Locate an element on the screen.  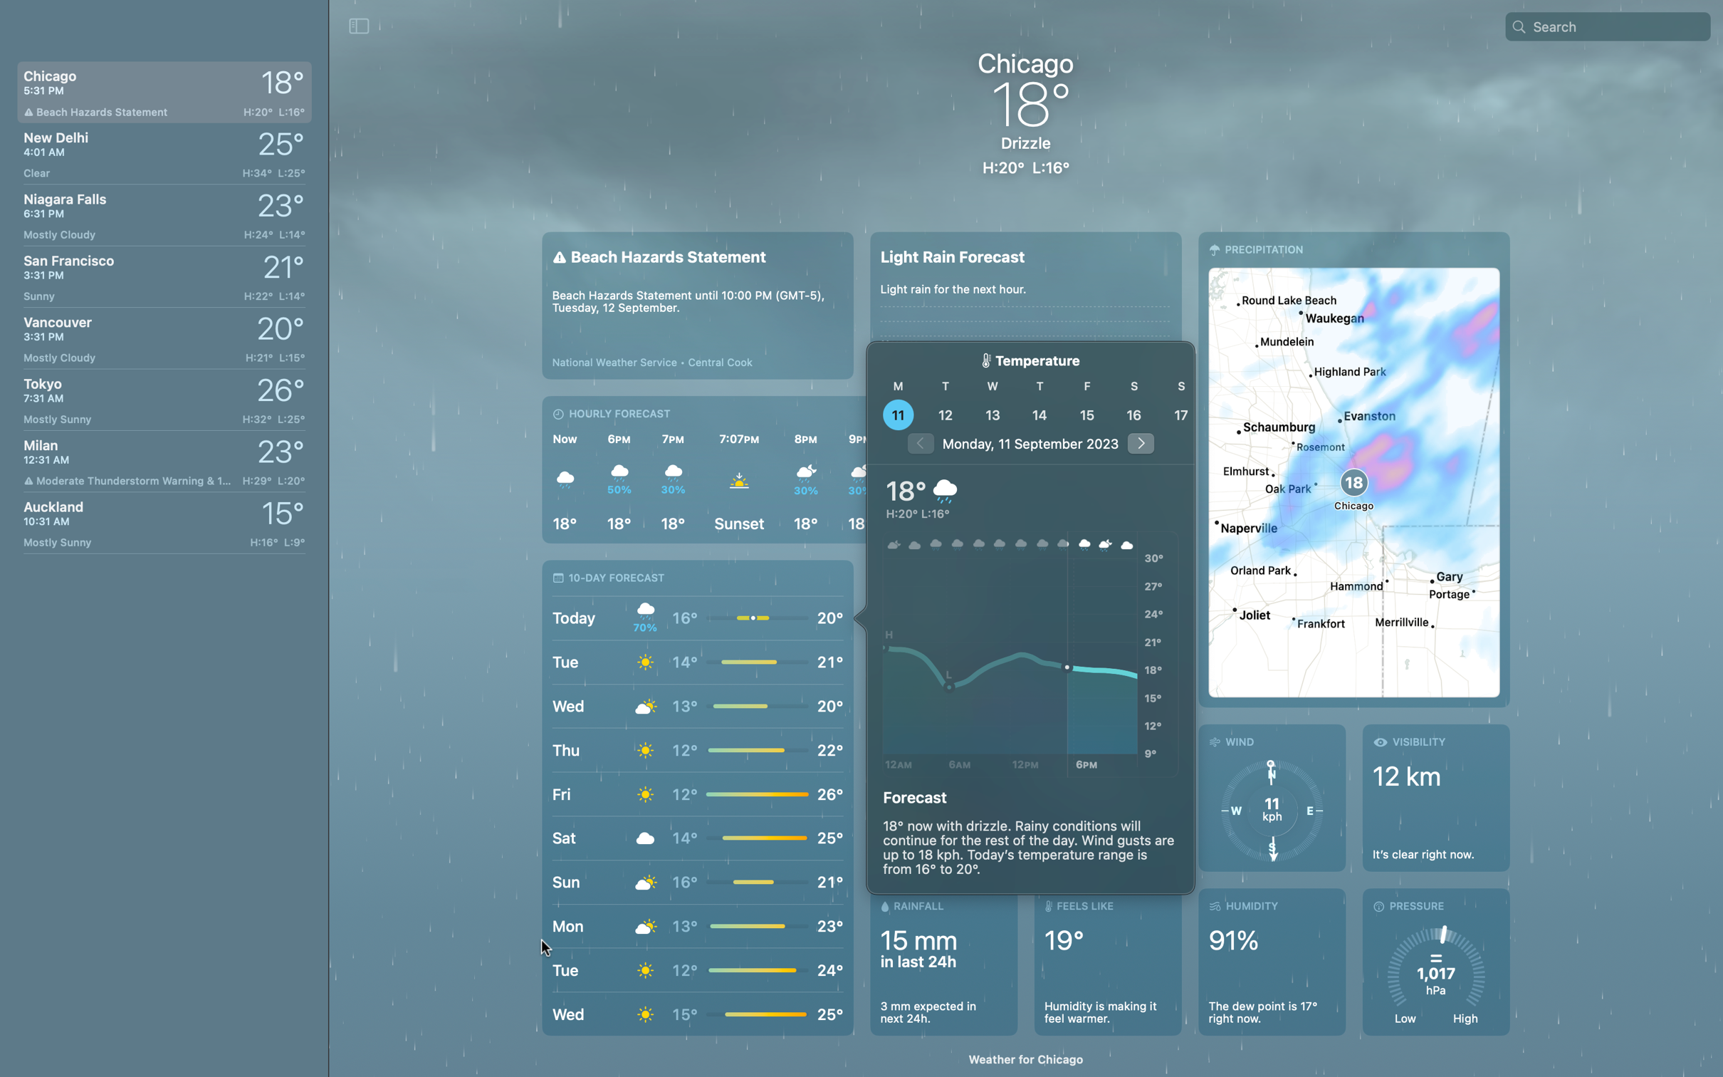
Get the climate details of Chicago for the 15th is located at coordinates (1086, 414).